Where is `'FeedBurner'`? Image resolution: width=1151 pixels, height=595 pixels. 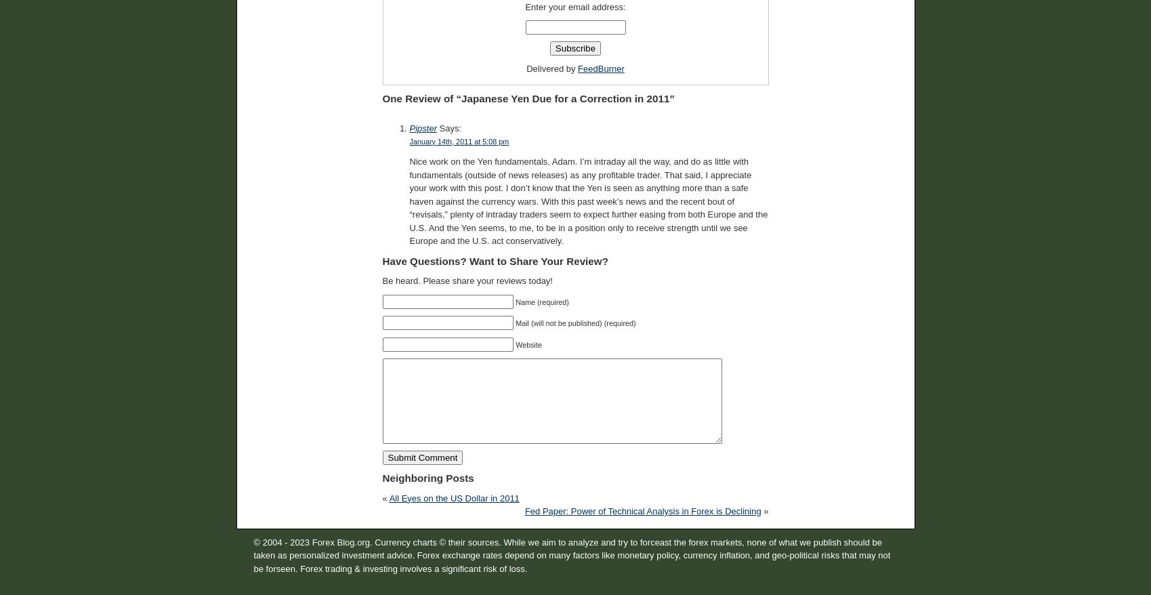 'FeedBurner' is located at coordinates (577, 68).